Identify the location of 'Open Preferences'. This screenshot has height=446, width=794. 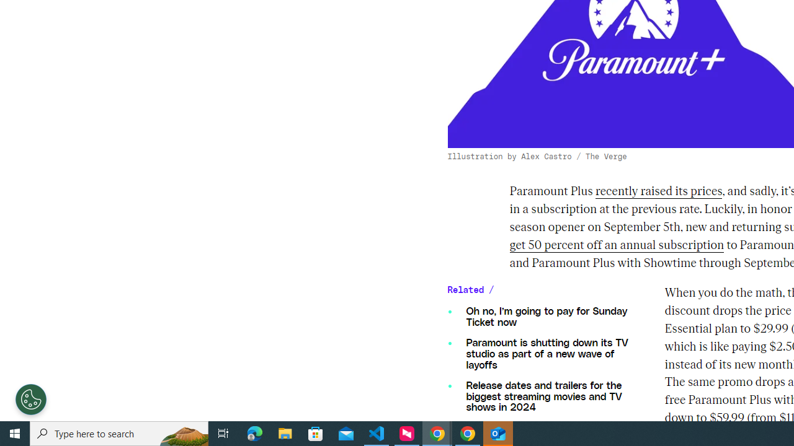
(31, 400).